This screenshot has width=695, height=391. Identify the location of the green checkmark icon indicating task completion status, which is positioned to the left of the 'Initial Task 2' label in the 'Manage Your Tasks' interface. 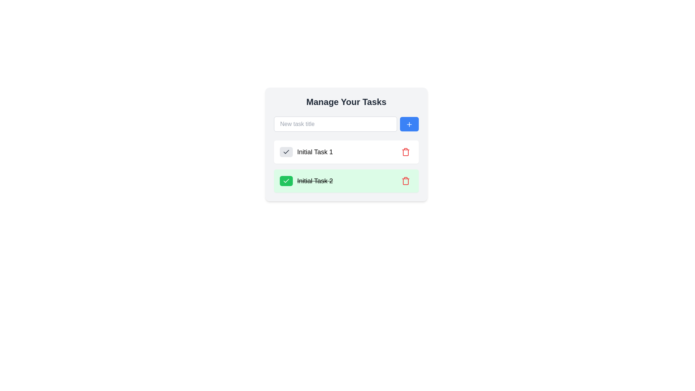
(286, 151).